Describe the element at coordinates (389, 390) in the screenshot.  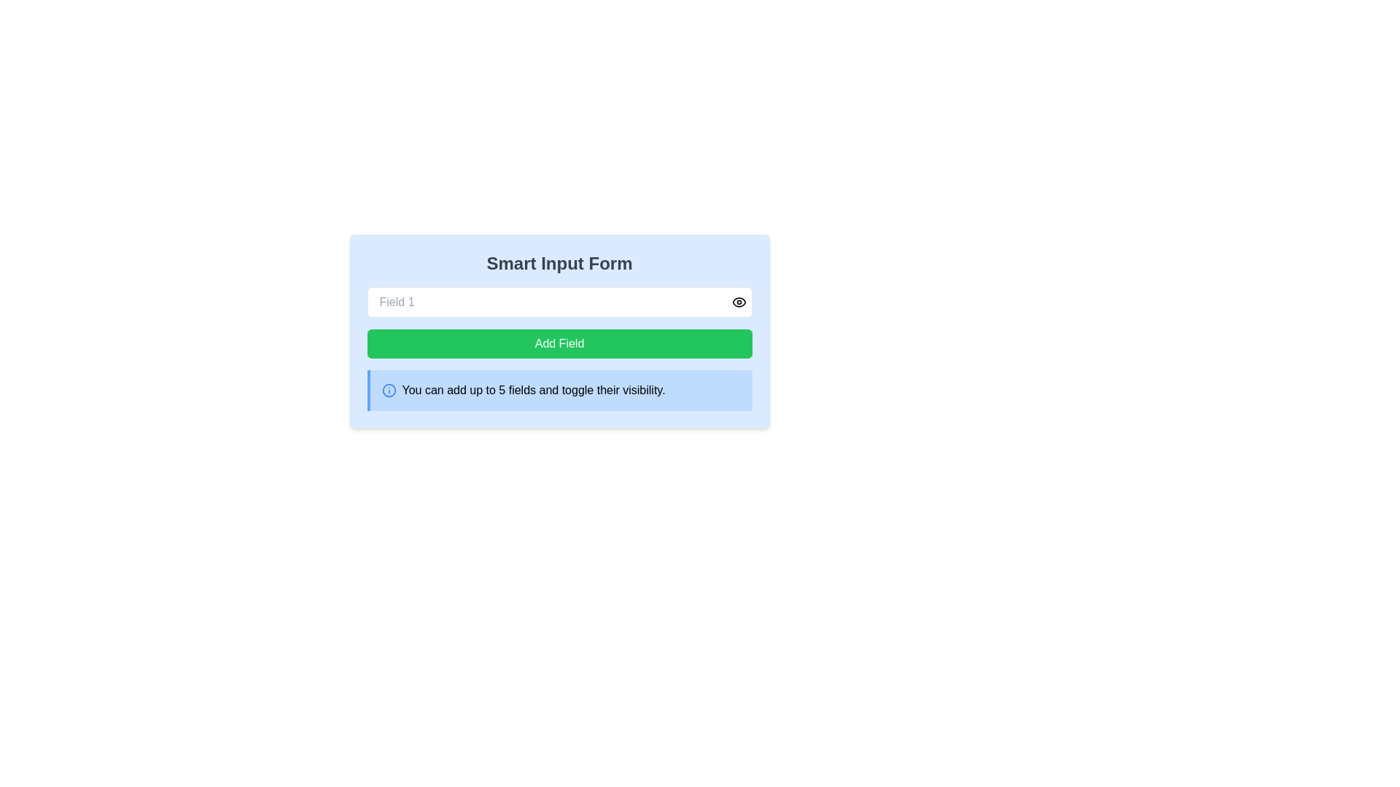
I see `the Circle Glyph, which is a circular icon with a blue outline and a white interior, located within an SVG graphics context near the bottom left of the notification bar in the form interface` at that location.